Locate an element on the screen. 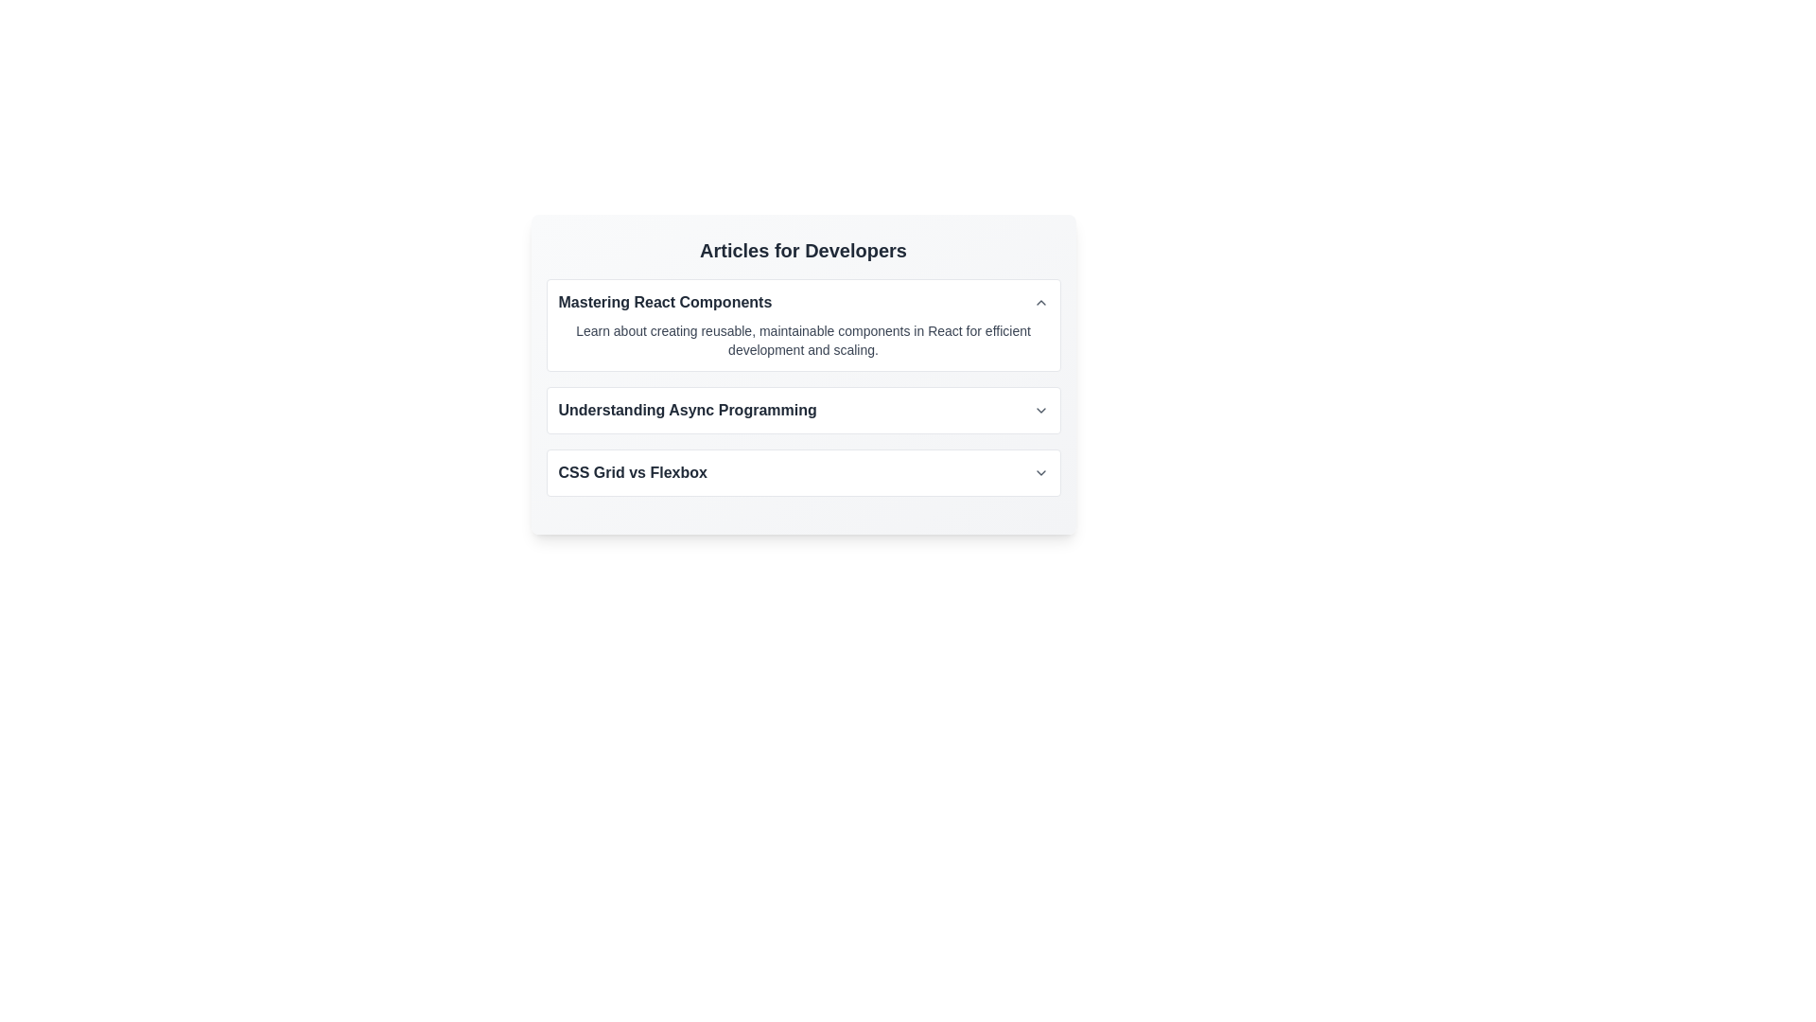 This screenshot has height=1022, width=1816. the downward-pointing chevron icon styled with a gray color, located at the bottom of the 'CSS Grid vs Flexbox' section is located at coordinates (1039, 472).